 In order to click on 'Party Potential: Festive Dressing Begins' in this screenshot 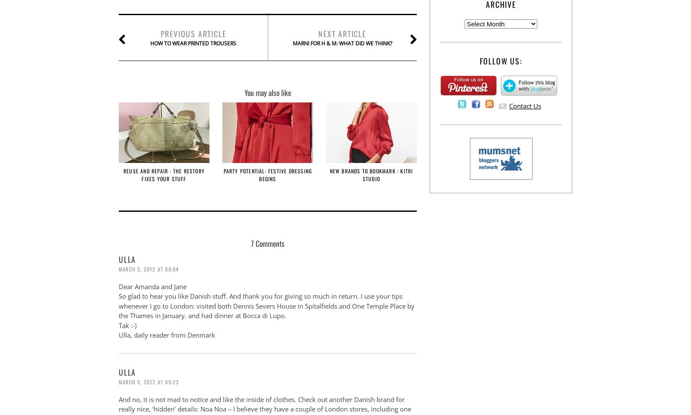, I will do `click(222, 174)`.